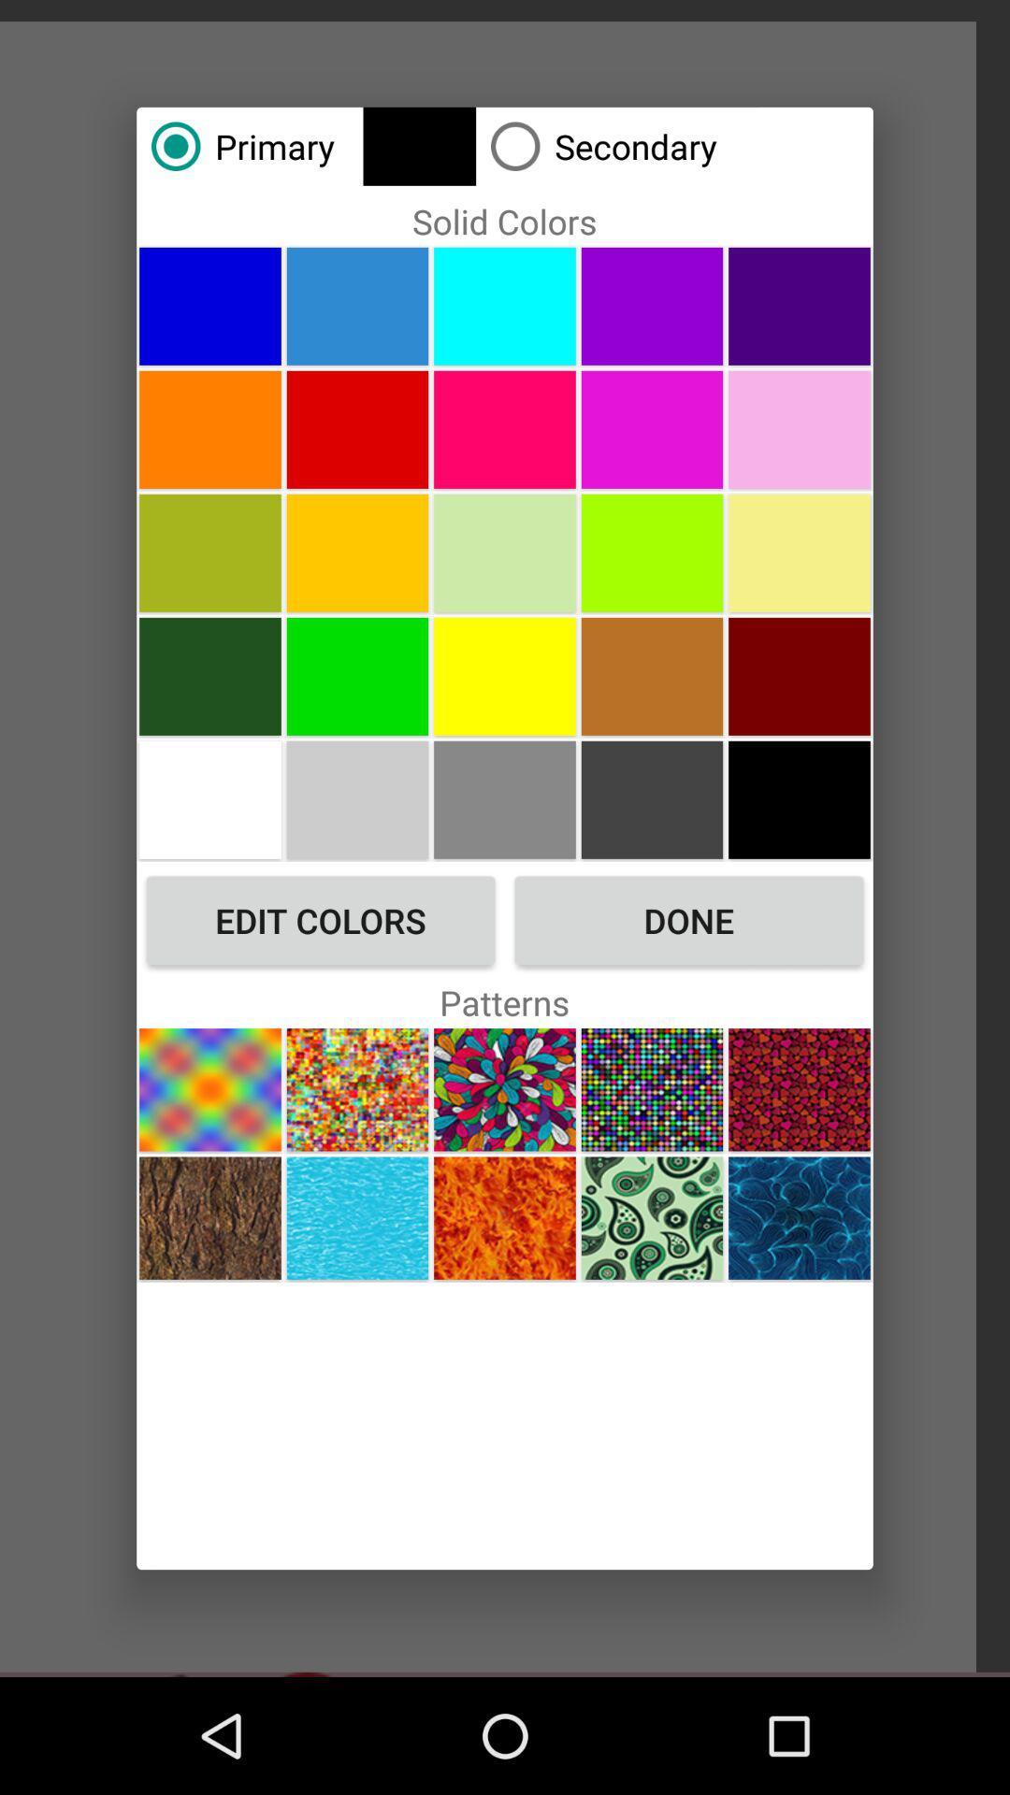 The height and width of the screenshot is (1795, 1010). What do you see at coordinates (209, 1218) in the screenshot?
I see `this pattern` at bounding box center [209, 1218].